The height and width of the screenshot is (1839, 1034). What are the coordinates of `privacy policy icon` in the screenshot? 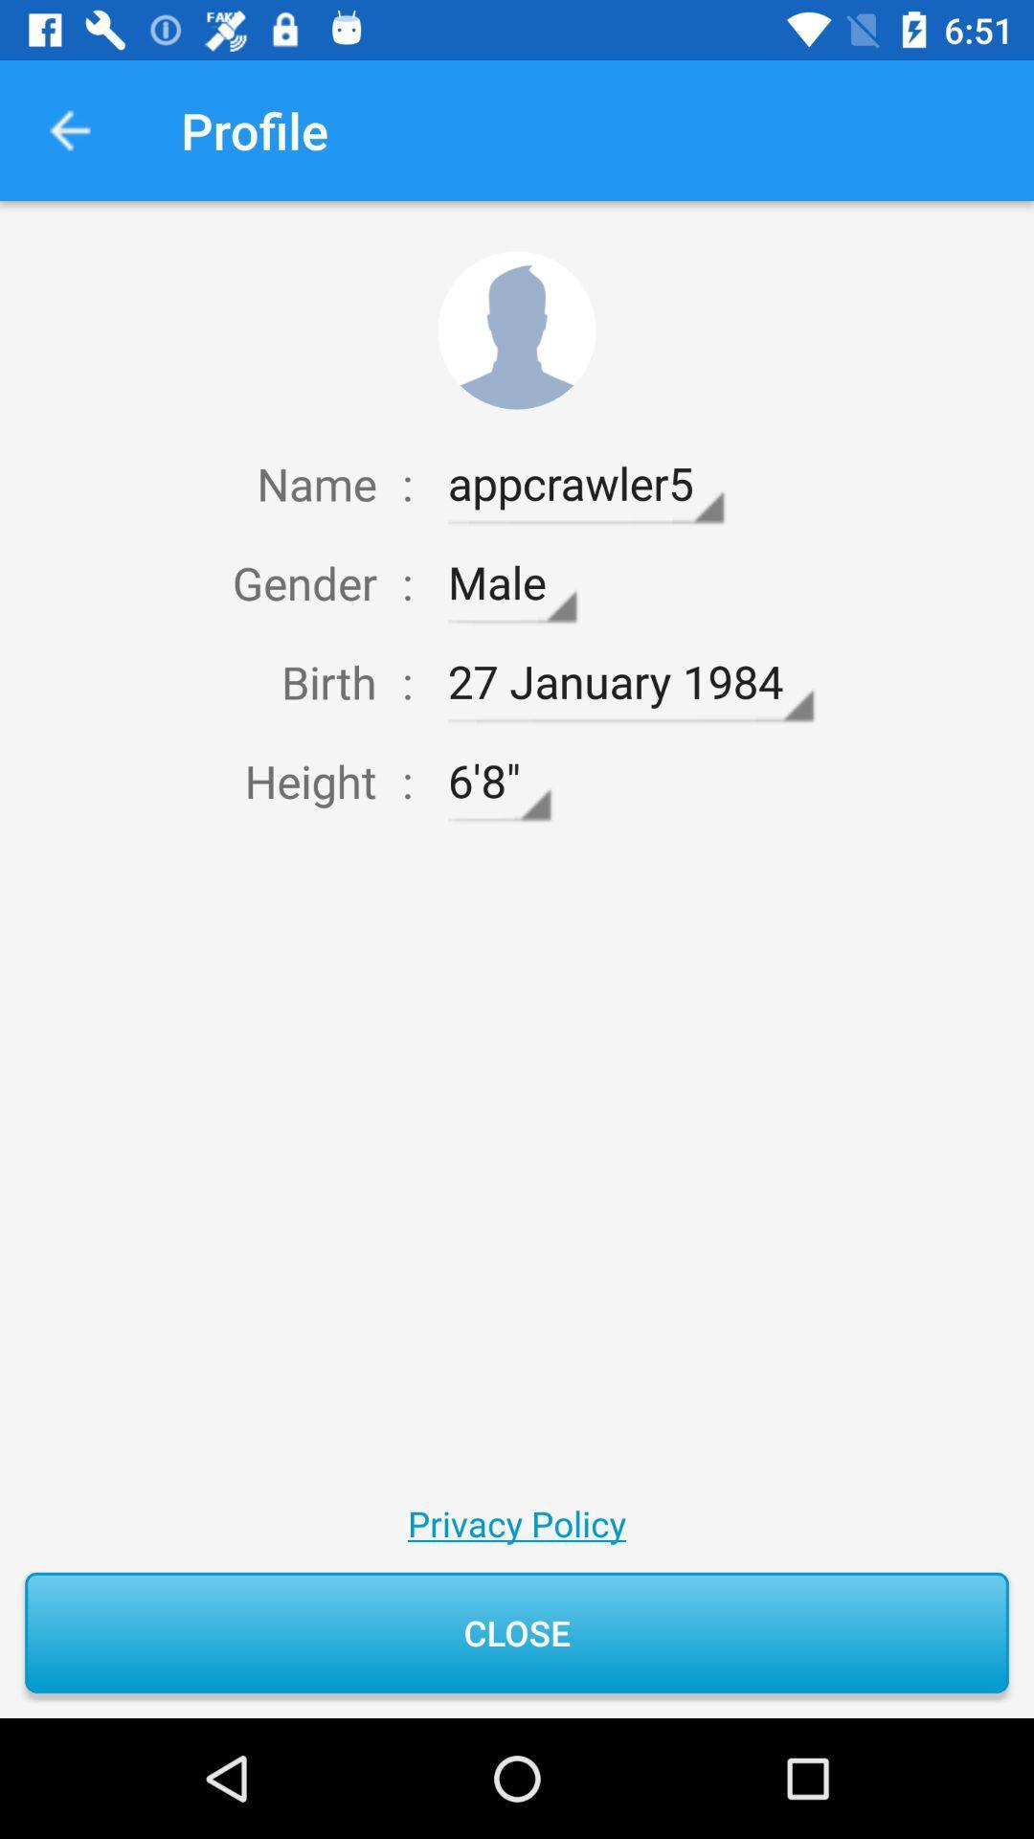 It's located at (517, 1522).